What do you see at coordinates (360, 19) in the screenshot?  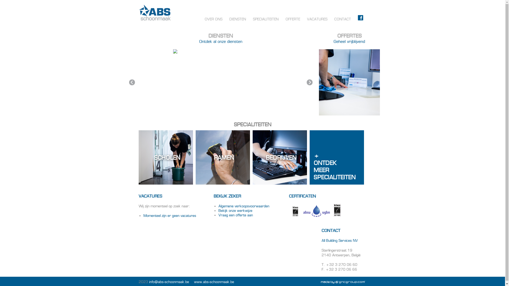 I see `'Facebook'` at bounding box center [360, 19].